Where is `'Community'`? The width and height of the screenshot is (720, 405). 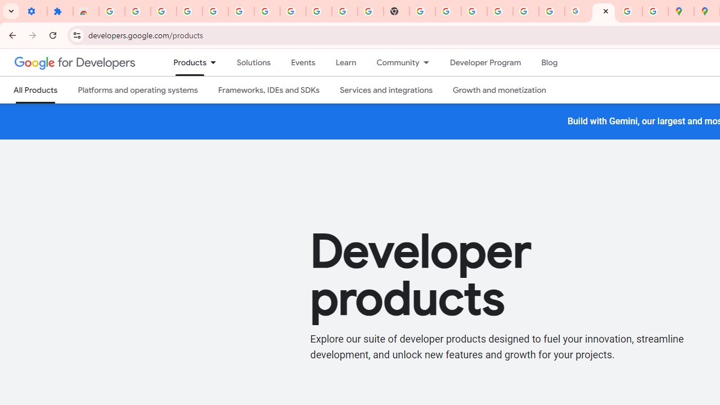
'Community' is located at coordinates (393, 62).